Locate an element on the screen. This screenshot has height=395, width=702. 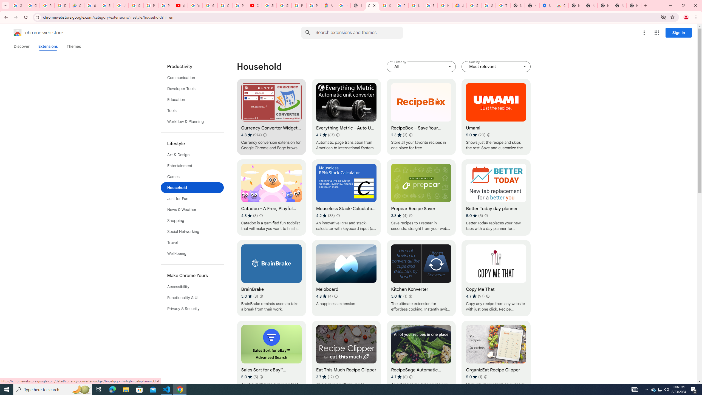
'Average rating 4.8 out of 5 stars. 974 ratings.' is located at coordinates (251, 135).